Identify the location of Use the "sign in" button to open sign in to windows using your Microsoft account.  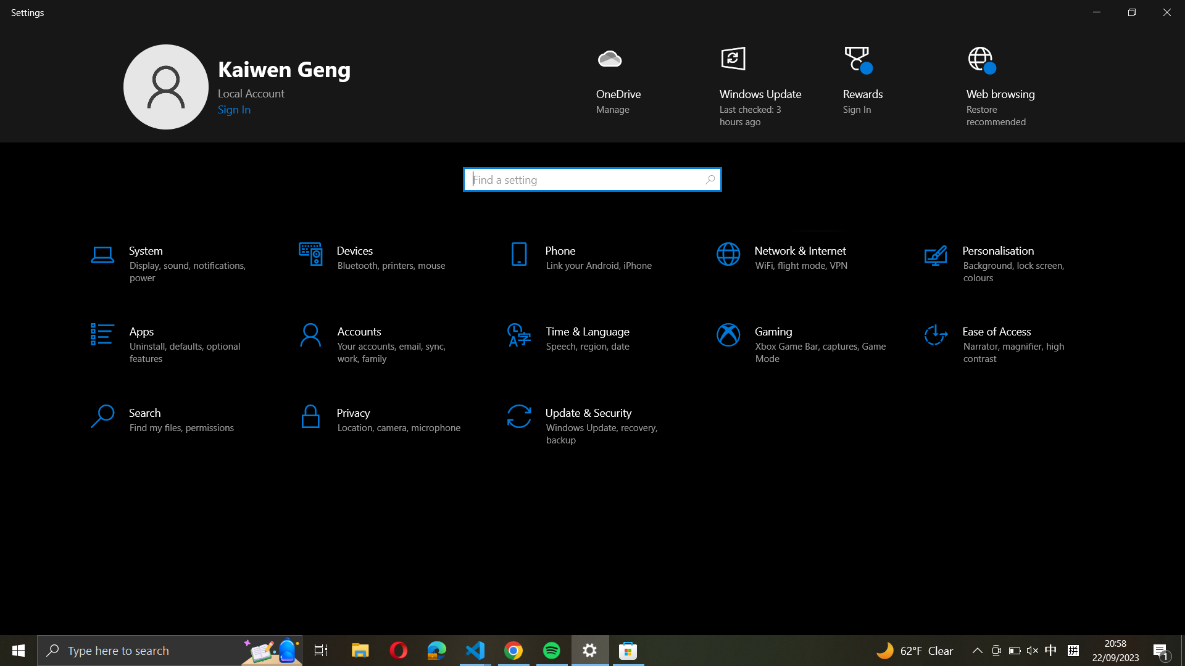
(236, 109).